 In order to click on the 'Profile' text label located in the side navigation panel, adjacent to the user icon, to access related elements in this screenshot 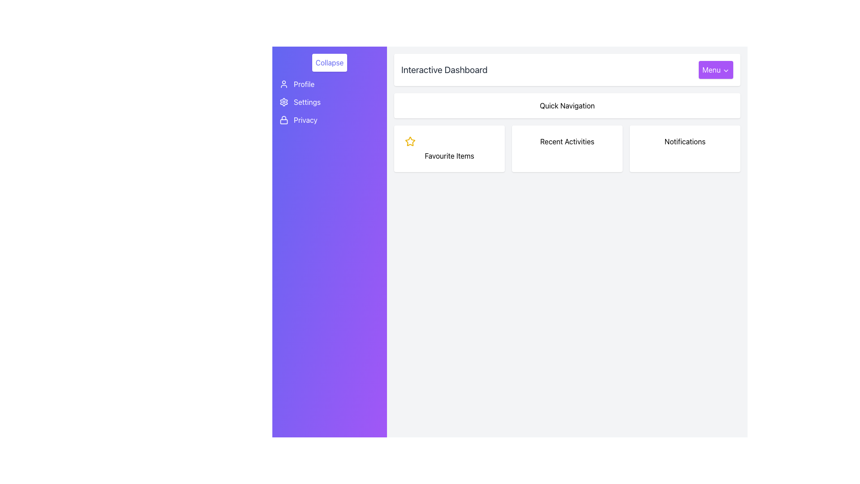, I will do `click(304, 84)`.